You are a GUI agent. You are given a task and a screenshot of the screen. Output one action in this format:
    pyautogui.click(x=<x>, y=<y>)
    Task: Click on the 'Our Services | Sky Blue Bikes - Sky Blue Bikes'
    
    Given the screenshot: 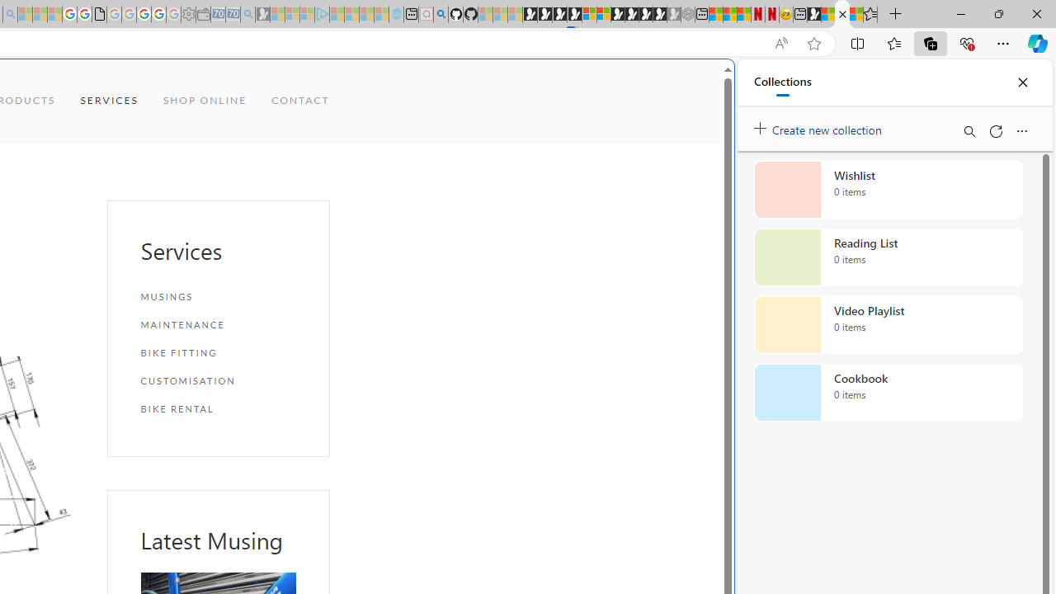 What is the action you would take?
    pyautogui.click(x=841, y=14)
    